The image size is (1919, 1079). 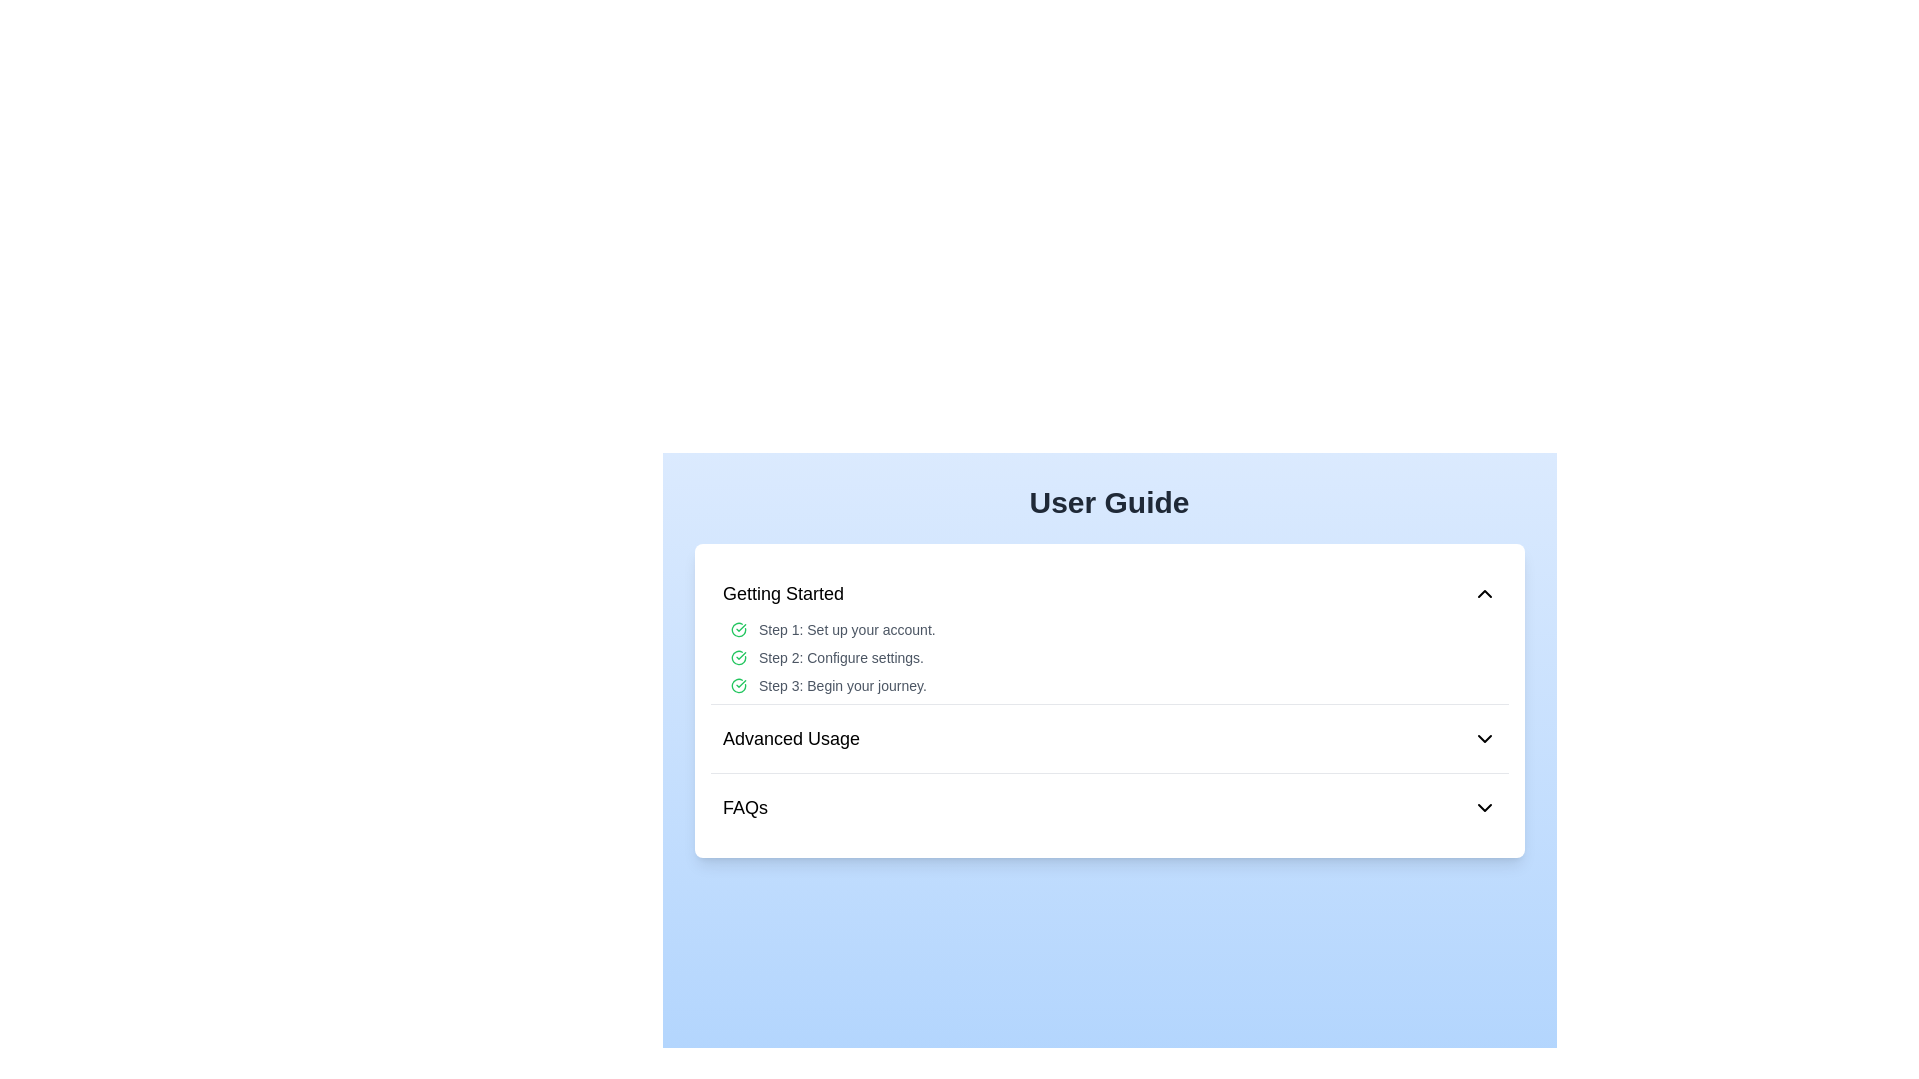 What do you see at coordinates (744, 807) in the screenshot?
I see `the 'FAQs' text label, which is prominently displayed in bold font under the 'Advanced Usage' section of the menu` at bounding box center [744, 807].